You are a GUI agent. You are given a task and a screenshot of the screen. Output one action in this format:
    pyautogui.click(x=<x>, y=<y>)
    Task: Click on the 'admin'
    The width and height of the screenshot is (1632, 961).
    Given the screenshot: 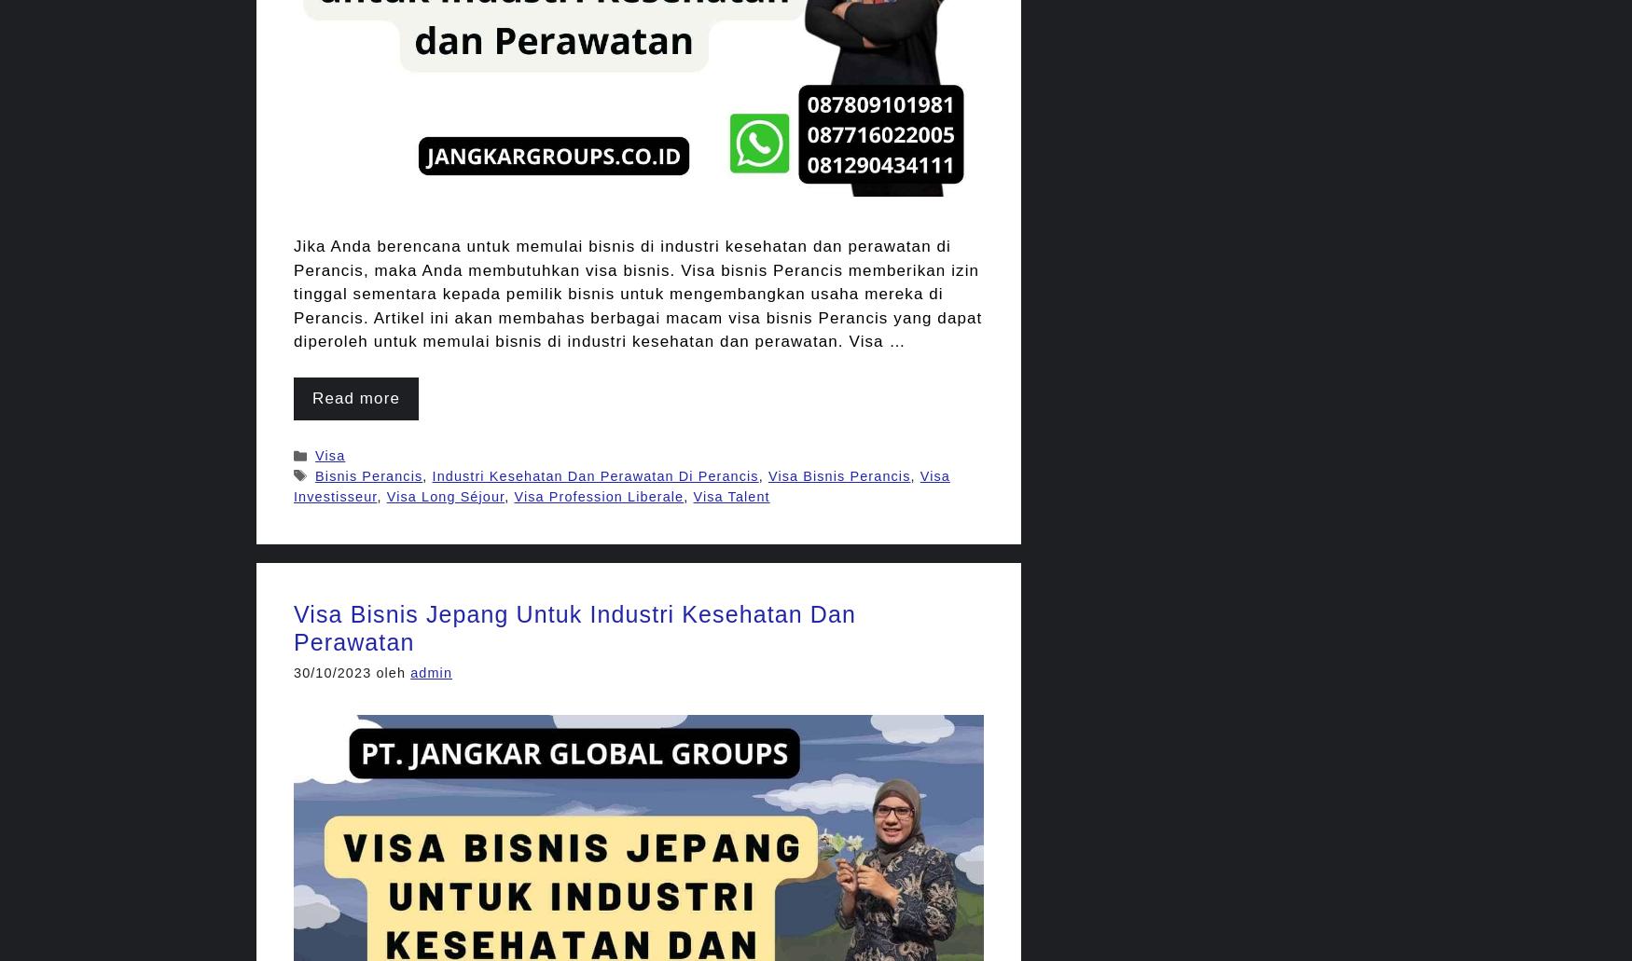 What is the action you would take?
    pyautogui.click(x=431, y=671)
    